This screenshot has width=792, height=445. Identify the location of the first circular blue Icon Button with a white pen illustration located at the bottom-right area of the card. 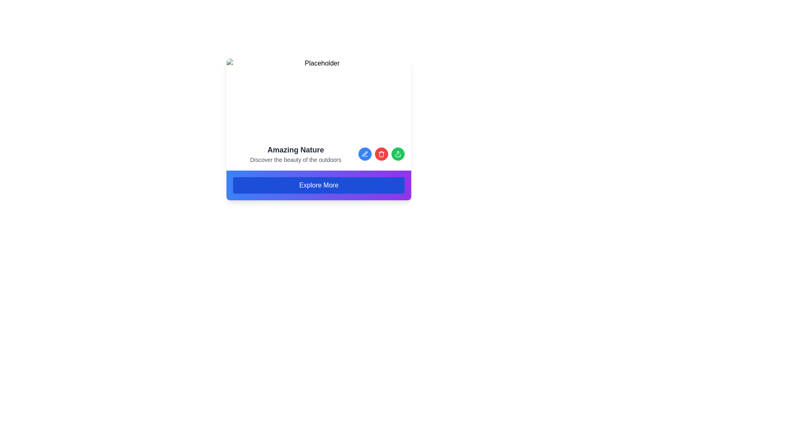
(364, 154).